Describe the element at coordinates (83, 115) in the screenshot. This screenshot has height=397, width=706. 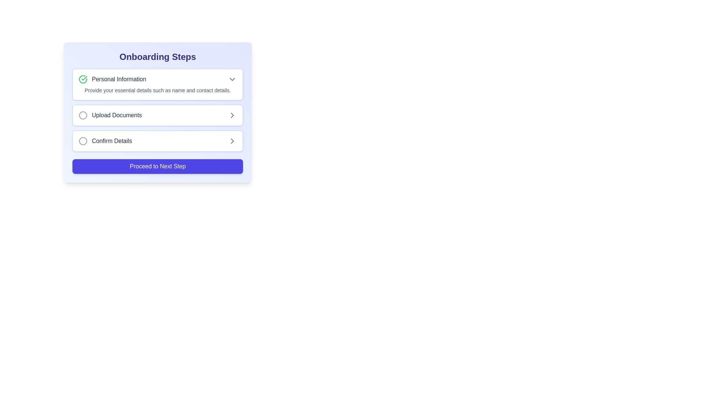
I see `the circular icon with a thin outline and no fill, positioned to the left of the 'Upload Documents' text in the onboarding list` at that location.